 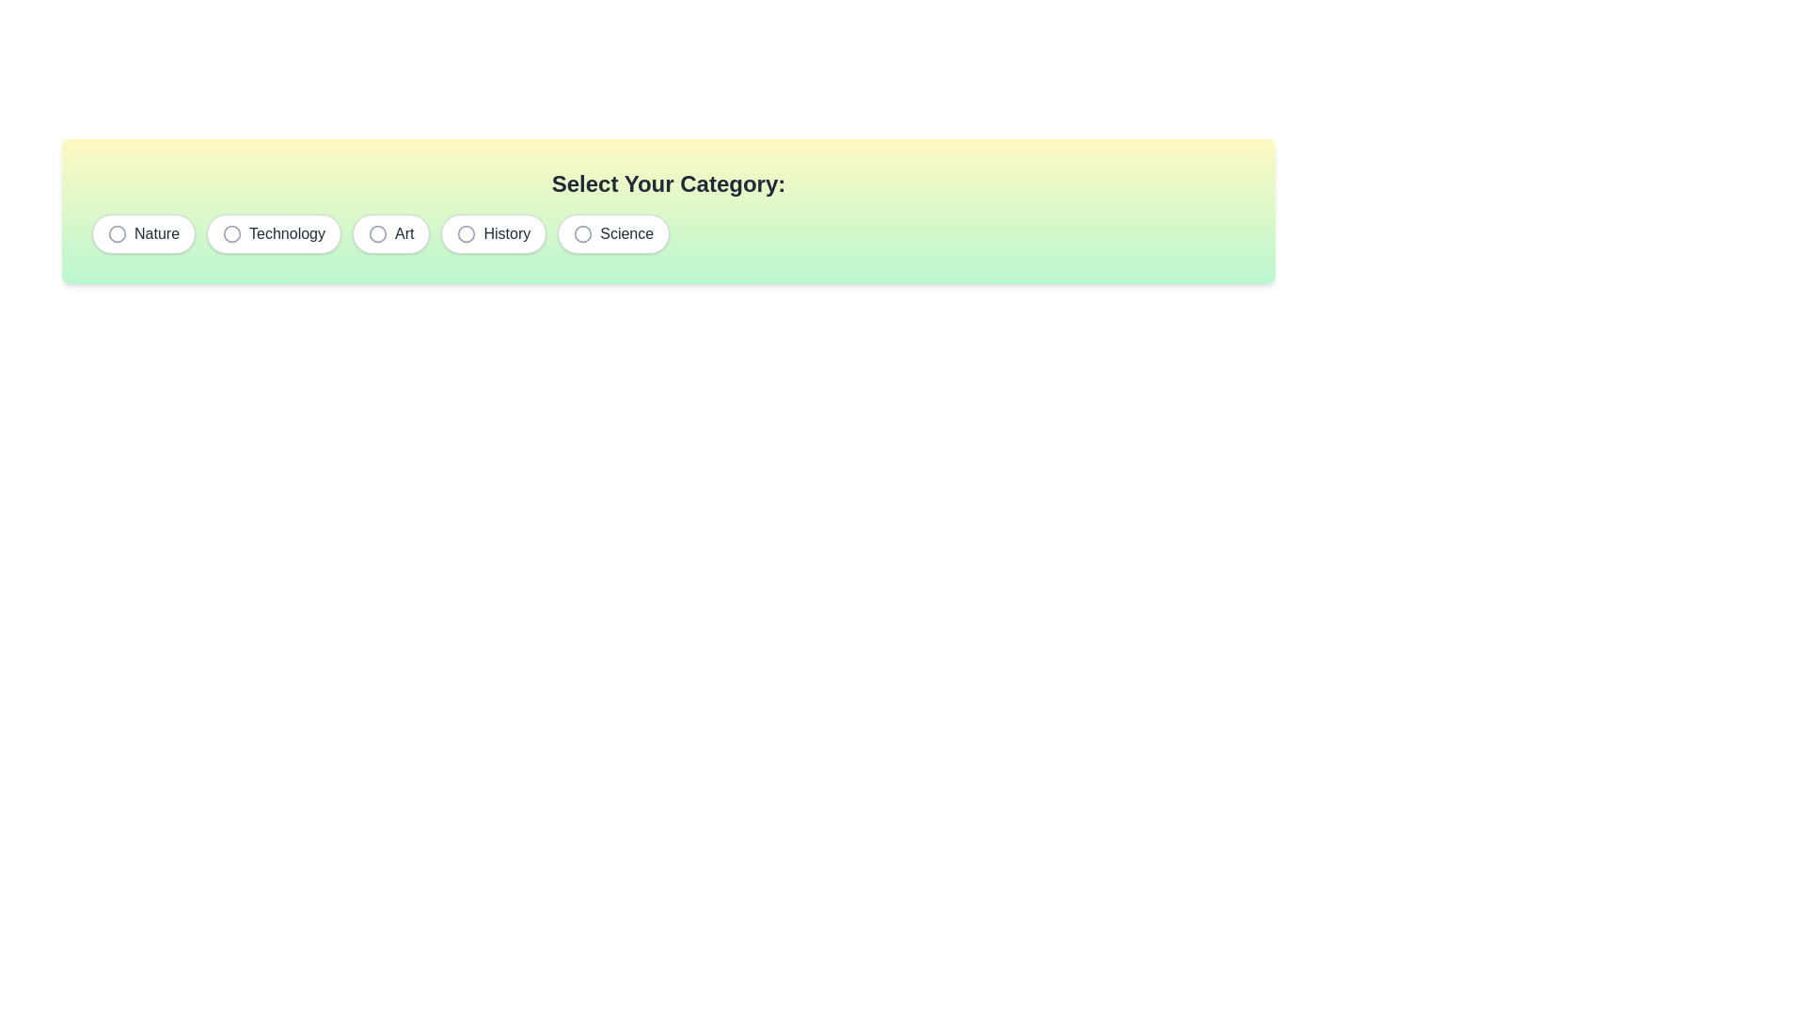 I want to click on the chip corresponding to the category History, so click(x=493, y=233).